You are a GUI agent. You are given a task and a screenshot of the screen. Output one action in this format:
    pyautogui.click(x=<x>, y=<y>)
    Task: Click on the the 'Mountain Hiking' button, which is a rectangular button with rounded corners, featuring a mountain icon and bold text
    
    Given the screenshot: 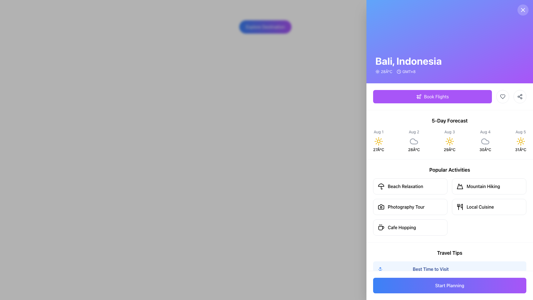 What is the action you would take?
    pyautogui.click(x=489, y=186)
    